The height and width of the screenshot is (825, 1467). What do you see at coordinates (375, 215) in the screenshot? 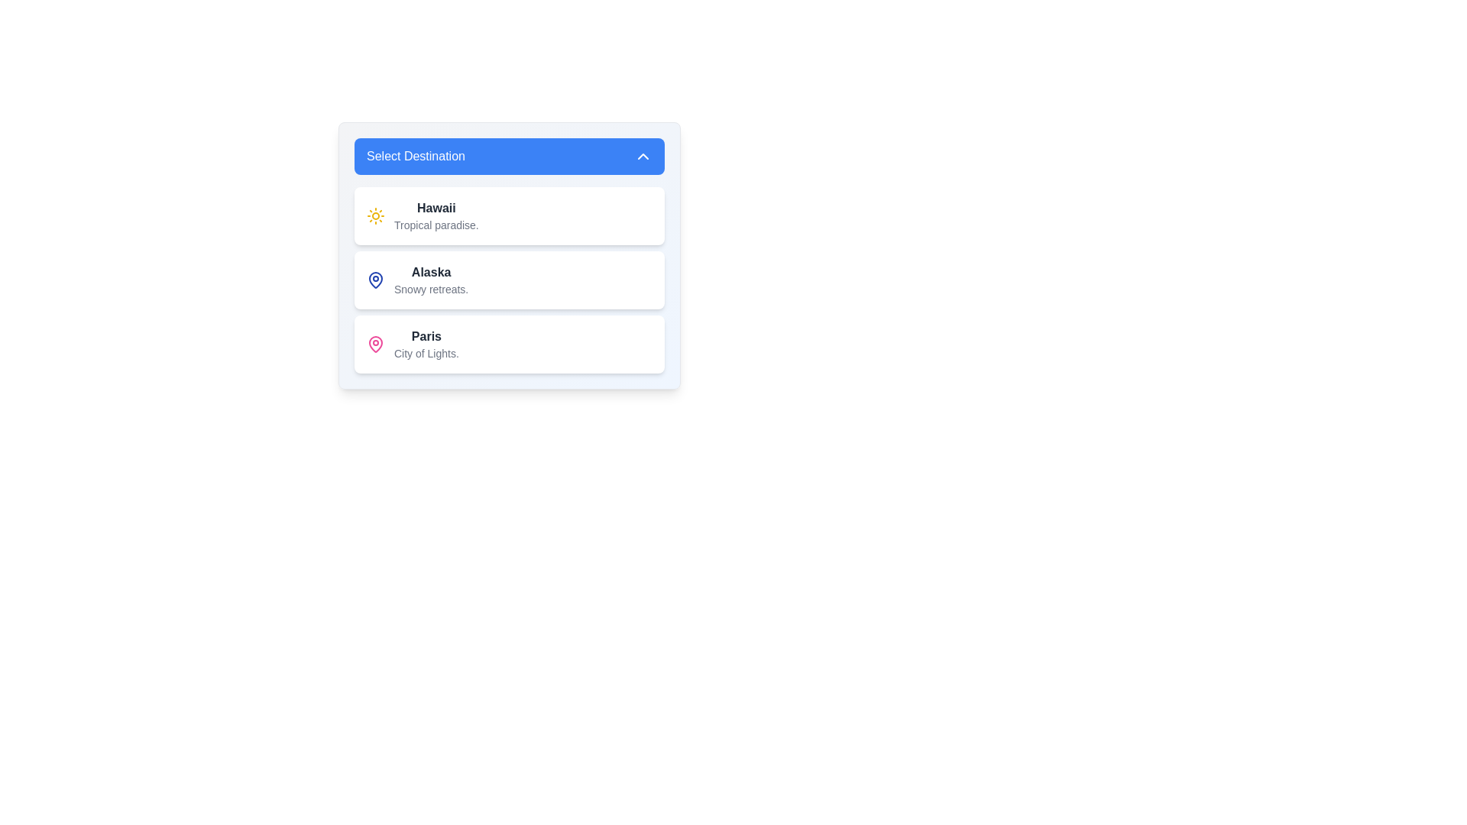
I see `the Hawaii icon in the dropdown list, which is located on the left side of the text 'Hawaii' and aligned with the heading 'Select Destination'` at bounding box center [375, 215].